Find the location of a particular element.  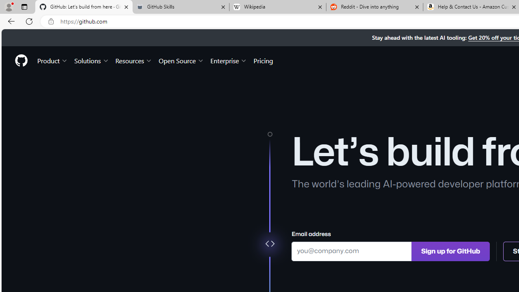

'Email address' is located at coordinates (352, 251).